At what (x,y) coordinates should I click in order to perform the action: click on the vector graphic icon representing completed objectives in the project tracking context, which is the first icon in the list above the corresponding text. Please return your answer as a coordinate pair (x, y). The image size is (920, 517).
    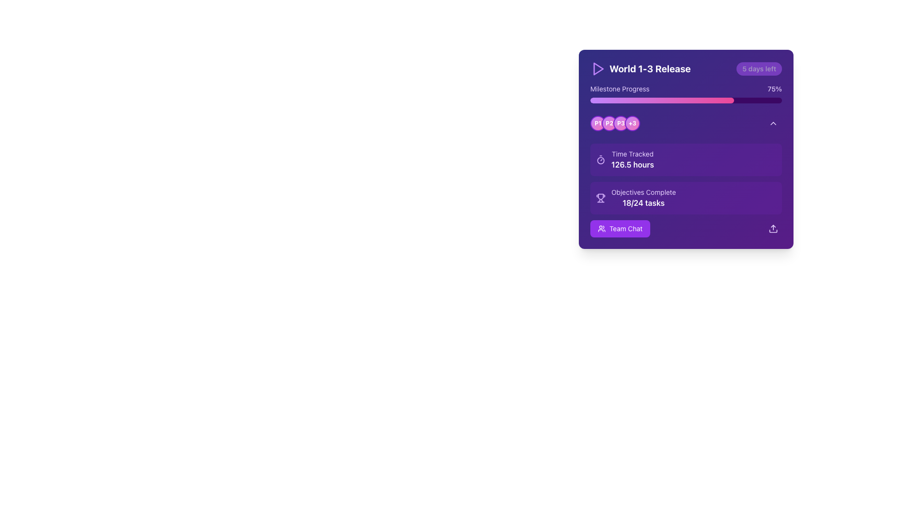
    Looking at the image, I should click on (600, 196).